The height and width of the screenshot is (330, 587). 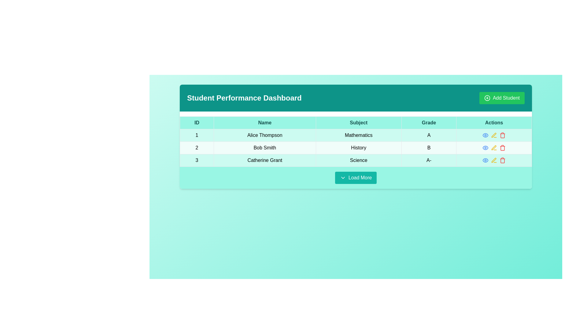 I want to click on the 'Science' text label in the third row of the student performance table, located in the 'Subject' column, so click(x=359, y=160).